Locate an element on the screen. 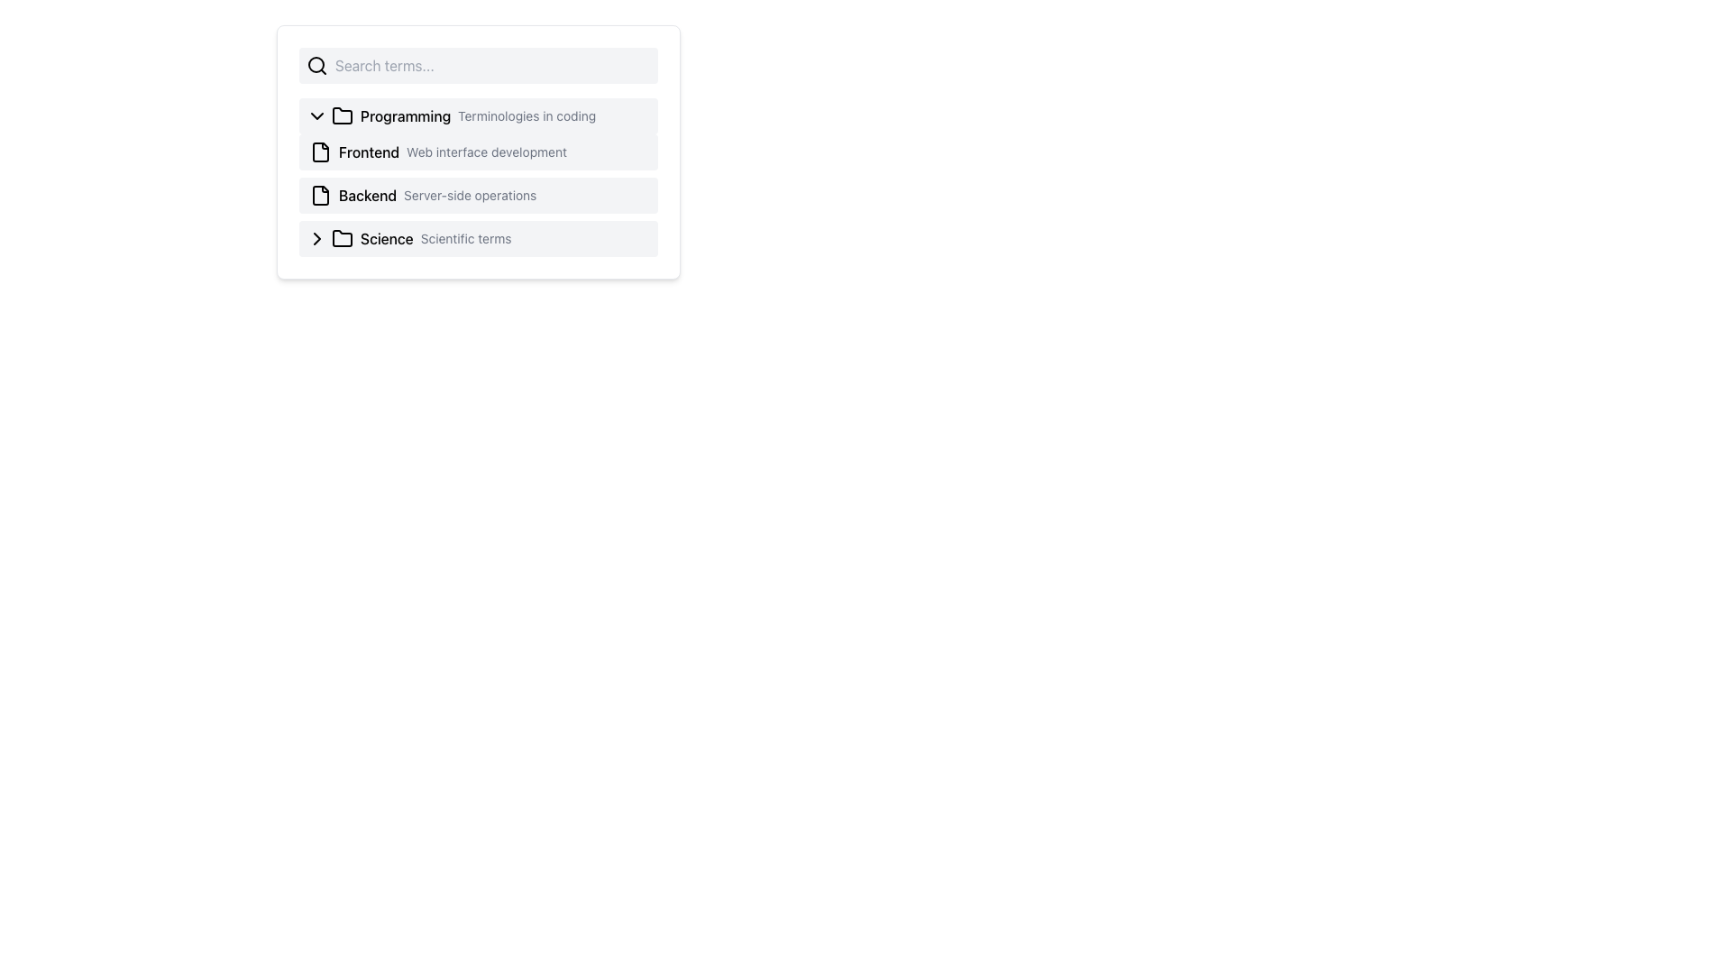 This screenshot has height=974, width=1731. the file-like outline icon located to the left of the text 'Backend Server-side operations' in the list item is located at coordinates (320, 195).